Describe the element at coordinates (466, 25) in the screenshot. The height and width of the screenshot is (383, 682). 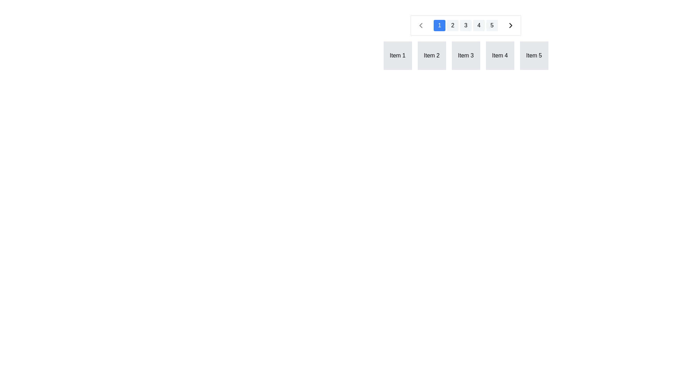
I see `the button labeled '3', which is the third button in a horizontally arranged group of five buttons` at that location.